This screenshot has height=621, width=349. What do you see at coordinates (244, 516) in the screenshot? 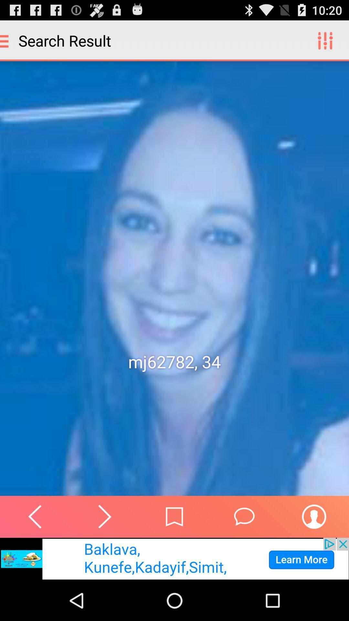
I see `the chat option` at bounding box center [244, 516].